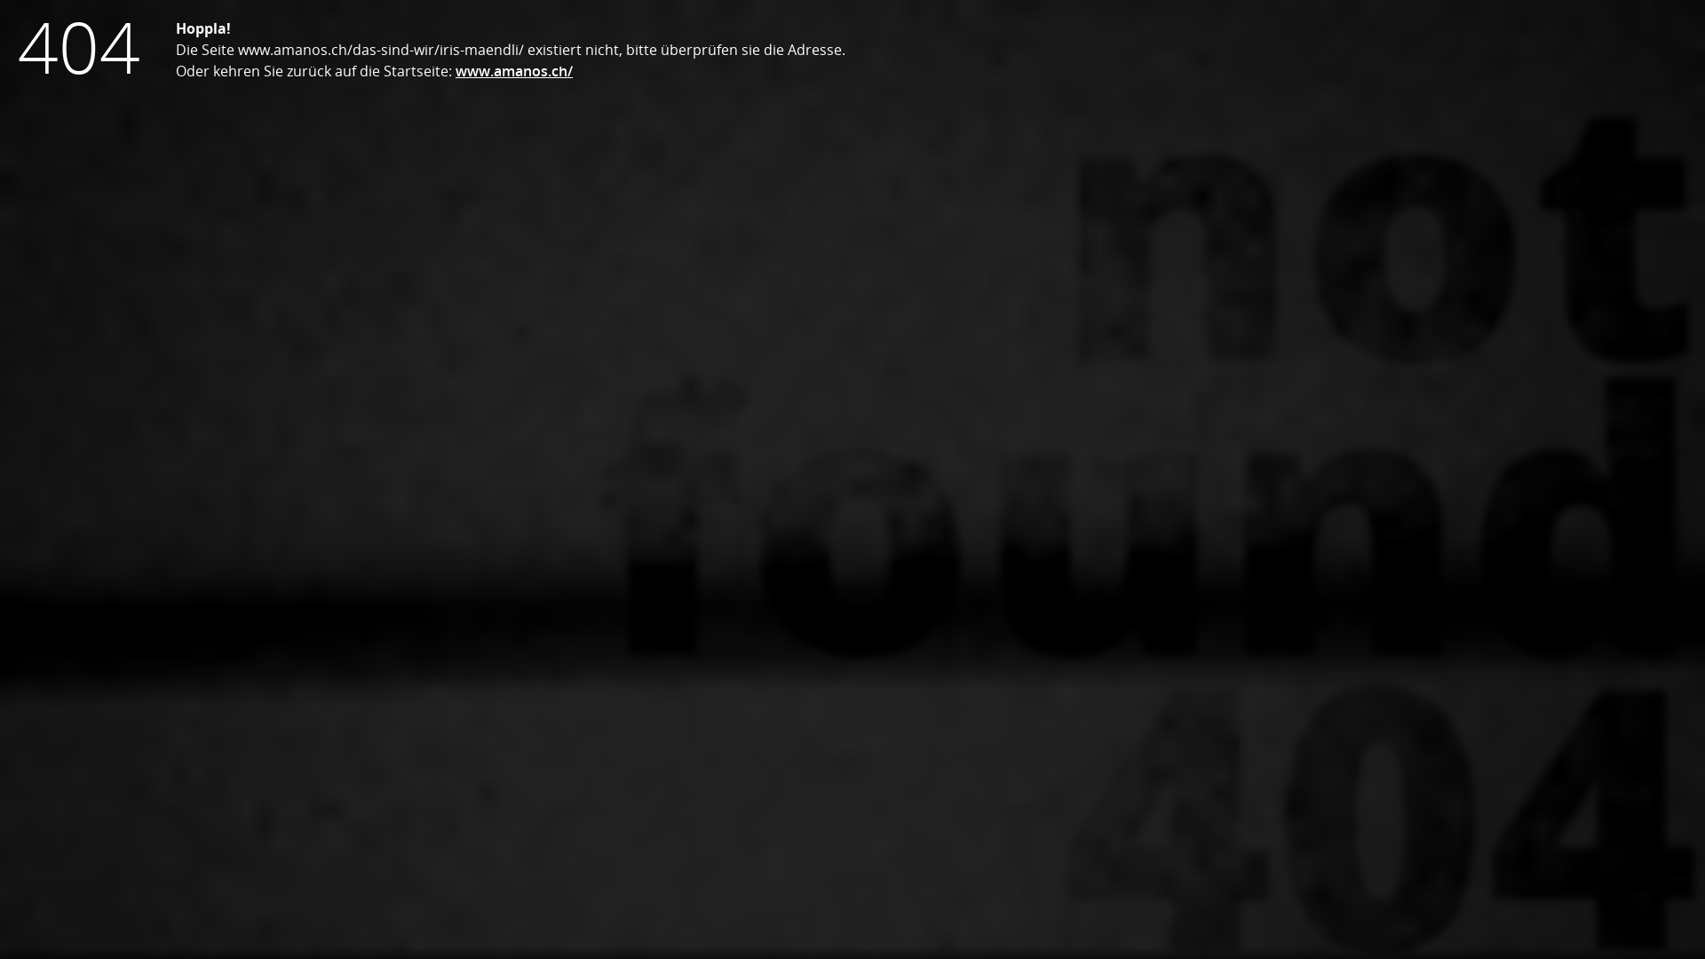  Describe the element at coordinates (456, 70) in the screenshot. I see `'www.amanos.ch/'` at that location.